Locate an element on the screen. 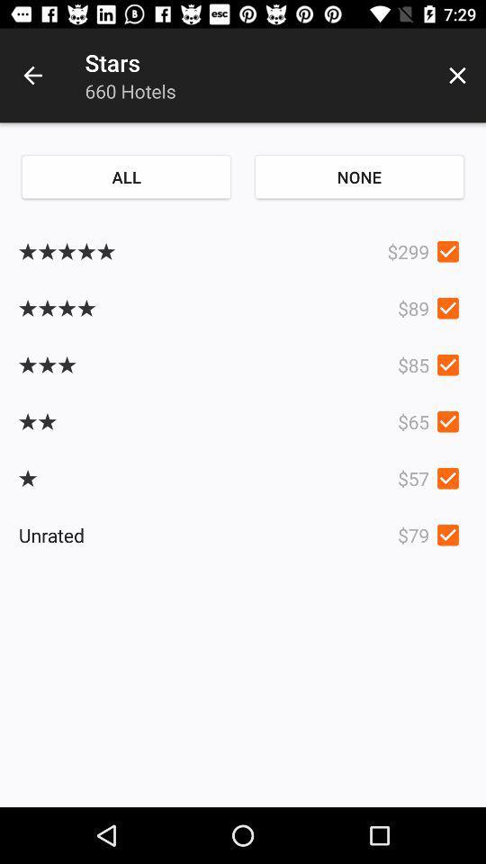 The image size is (486, 864). the item to the right of the 660 hotels icon is located at coordinates (457, 76).